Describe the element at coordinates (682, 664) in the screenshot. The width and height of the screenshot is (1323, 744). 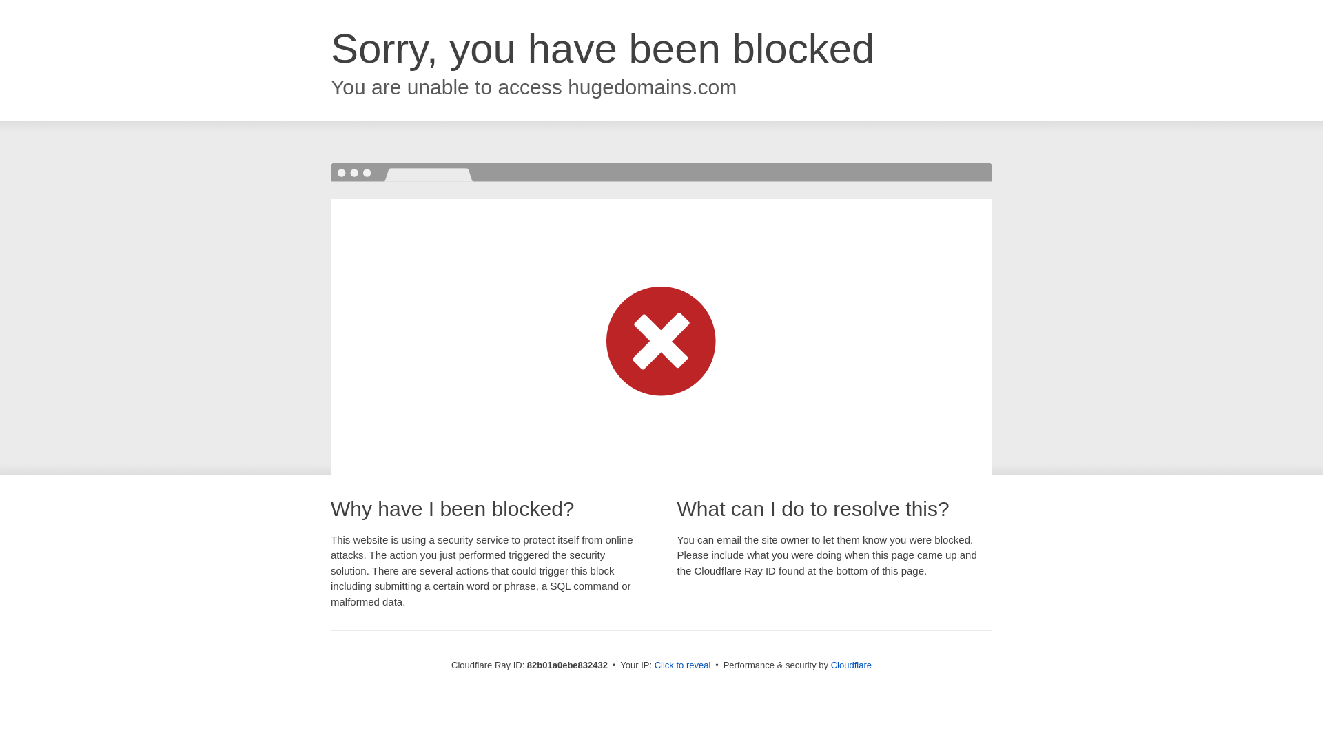
I see `'Click to reveal'` at that location.